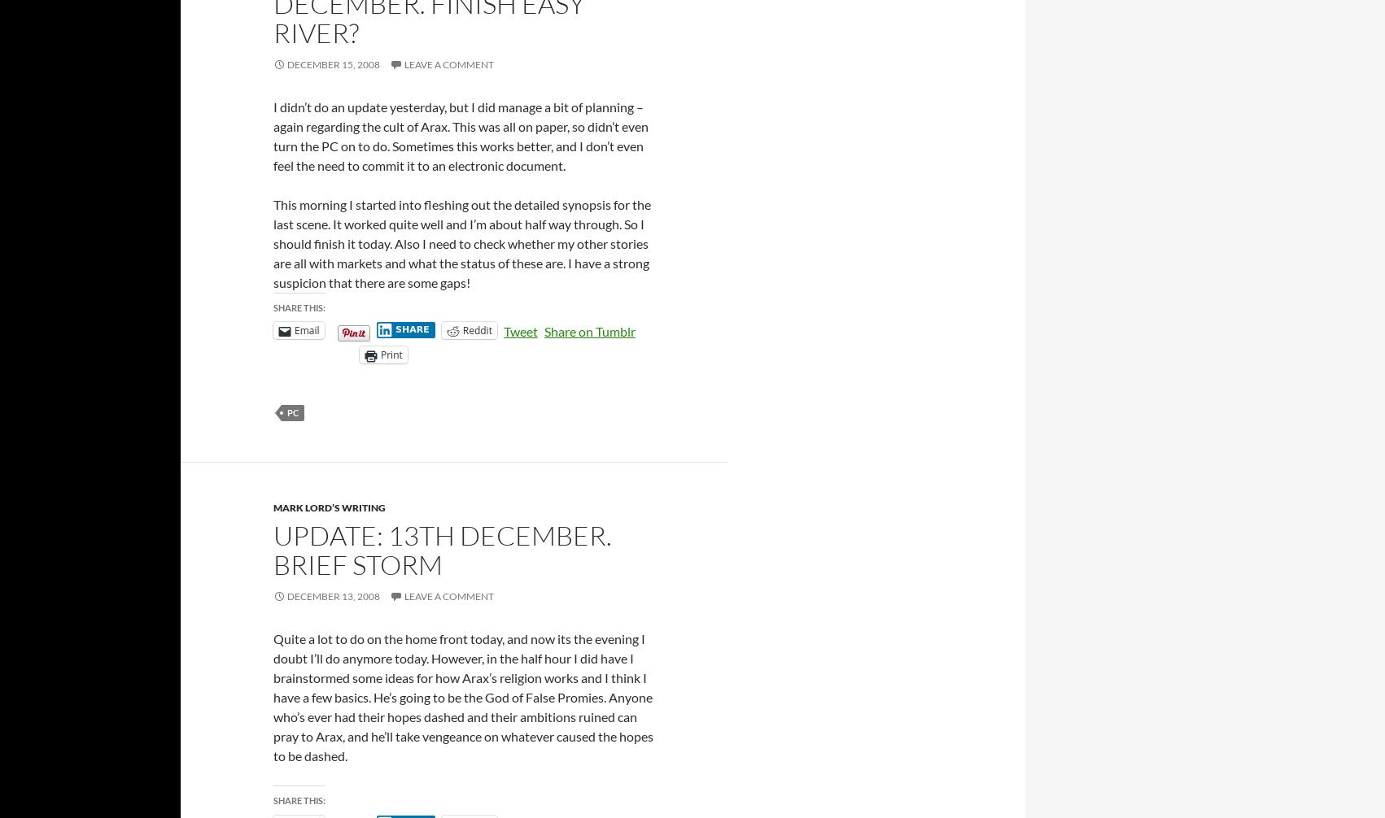  I want to click on 'PC', so click(292, 412).